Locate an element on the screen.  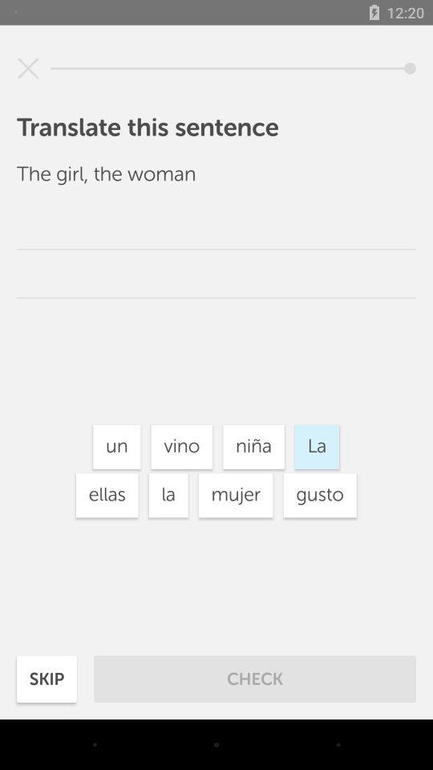
la is located at coordinates (168, 494).